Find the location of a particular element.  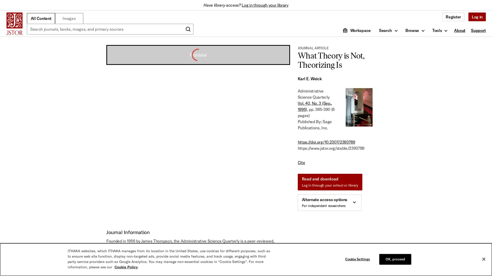

Cookie Settings is located at coordinates (358, 259).